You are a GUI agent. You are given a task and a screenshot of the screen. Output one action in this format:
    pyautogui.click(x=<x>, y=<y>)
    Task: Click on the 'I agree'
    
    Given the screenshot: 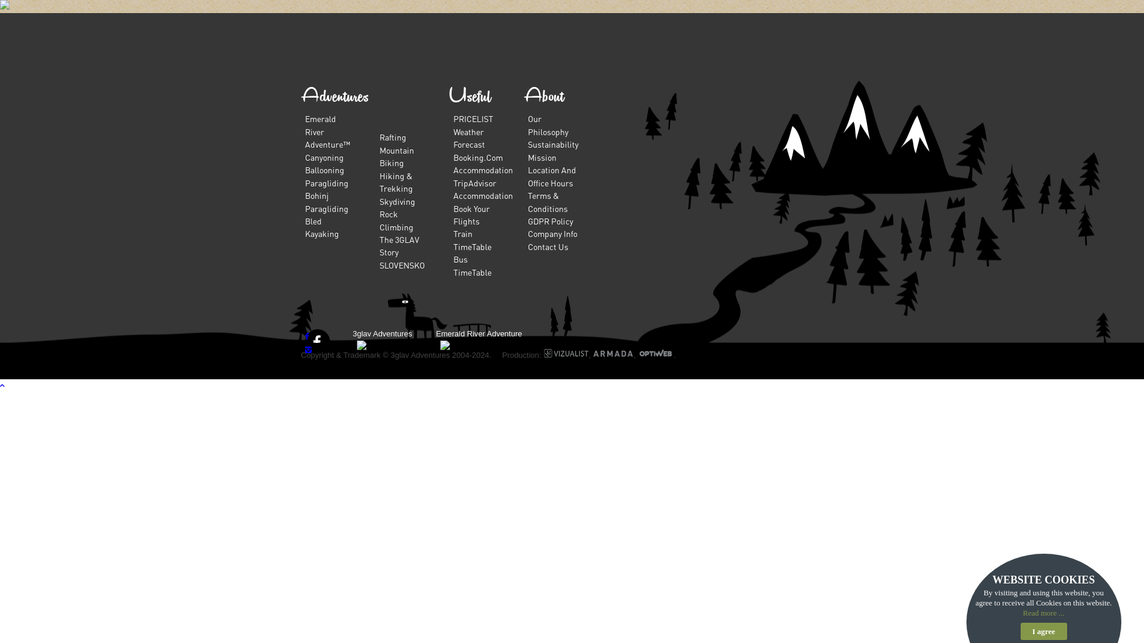 What is the action you would take?
    pyautogui.click(x=1043, y=630)
    